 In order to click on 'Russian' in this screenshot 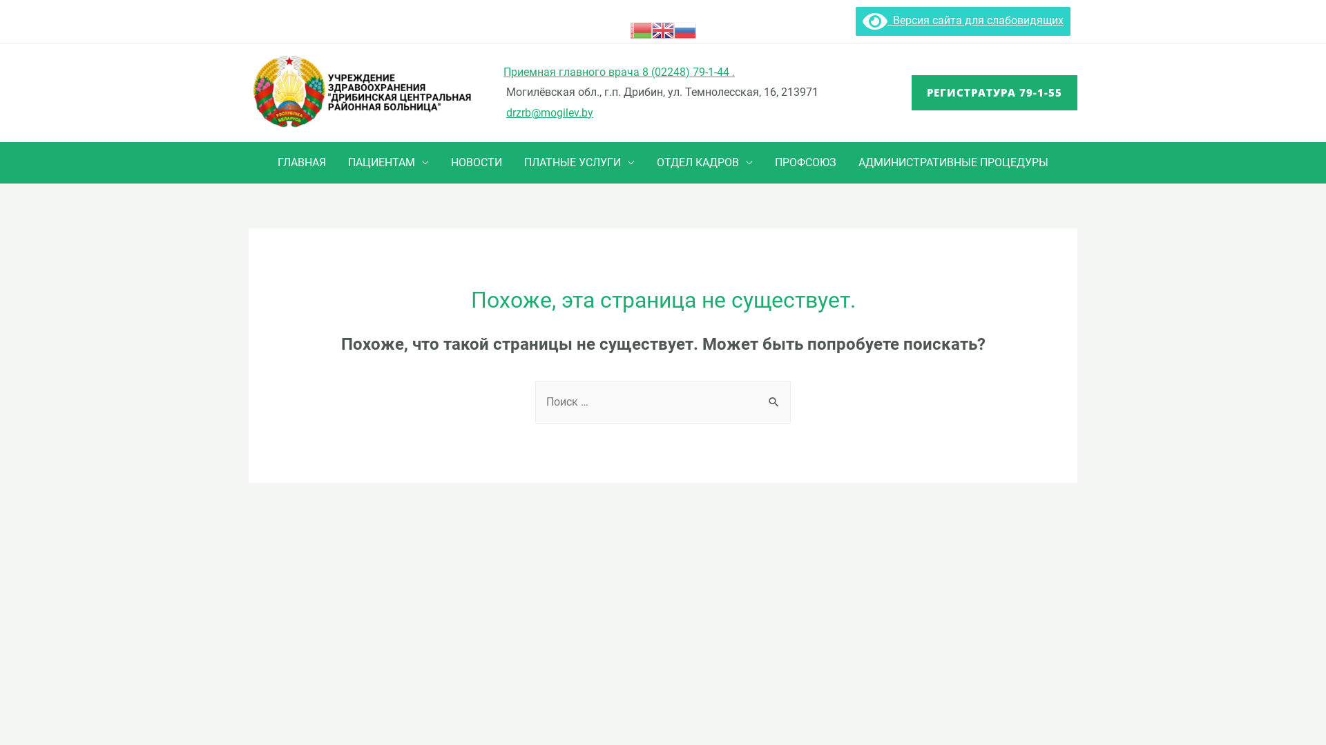, I will do `click(685, 29)`.